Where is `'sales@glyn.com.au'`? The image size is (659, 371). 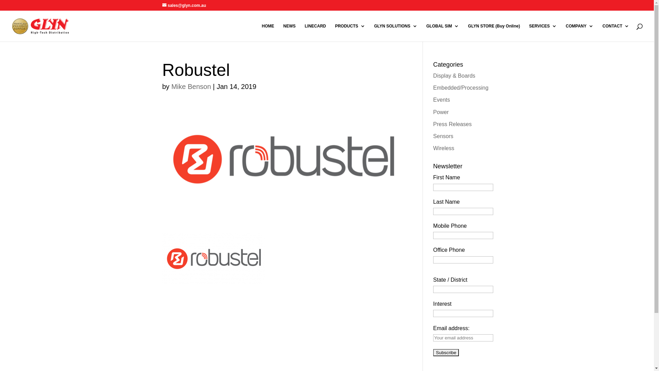 'sales@glyn.com.au' is located at coordinates (184, 5).